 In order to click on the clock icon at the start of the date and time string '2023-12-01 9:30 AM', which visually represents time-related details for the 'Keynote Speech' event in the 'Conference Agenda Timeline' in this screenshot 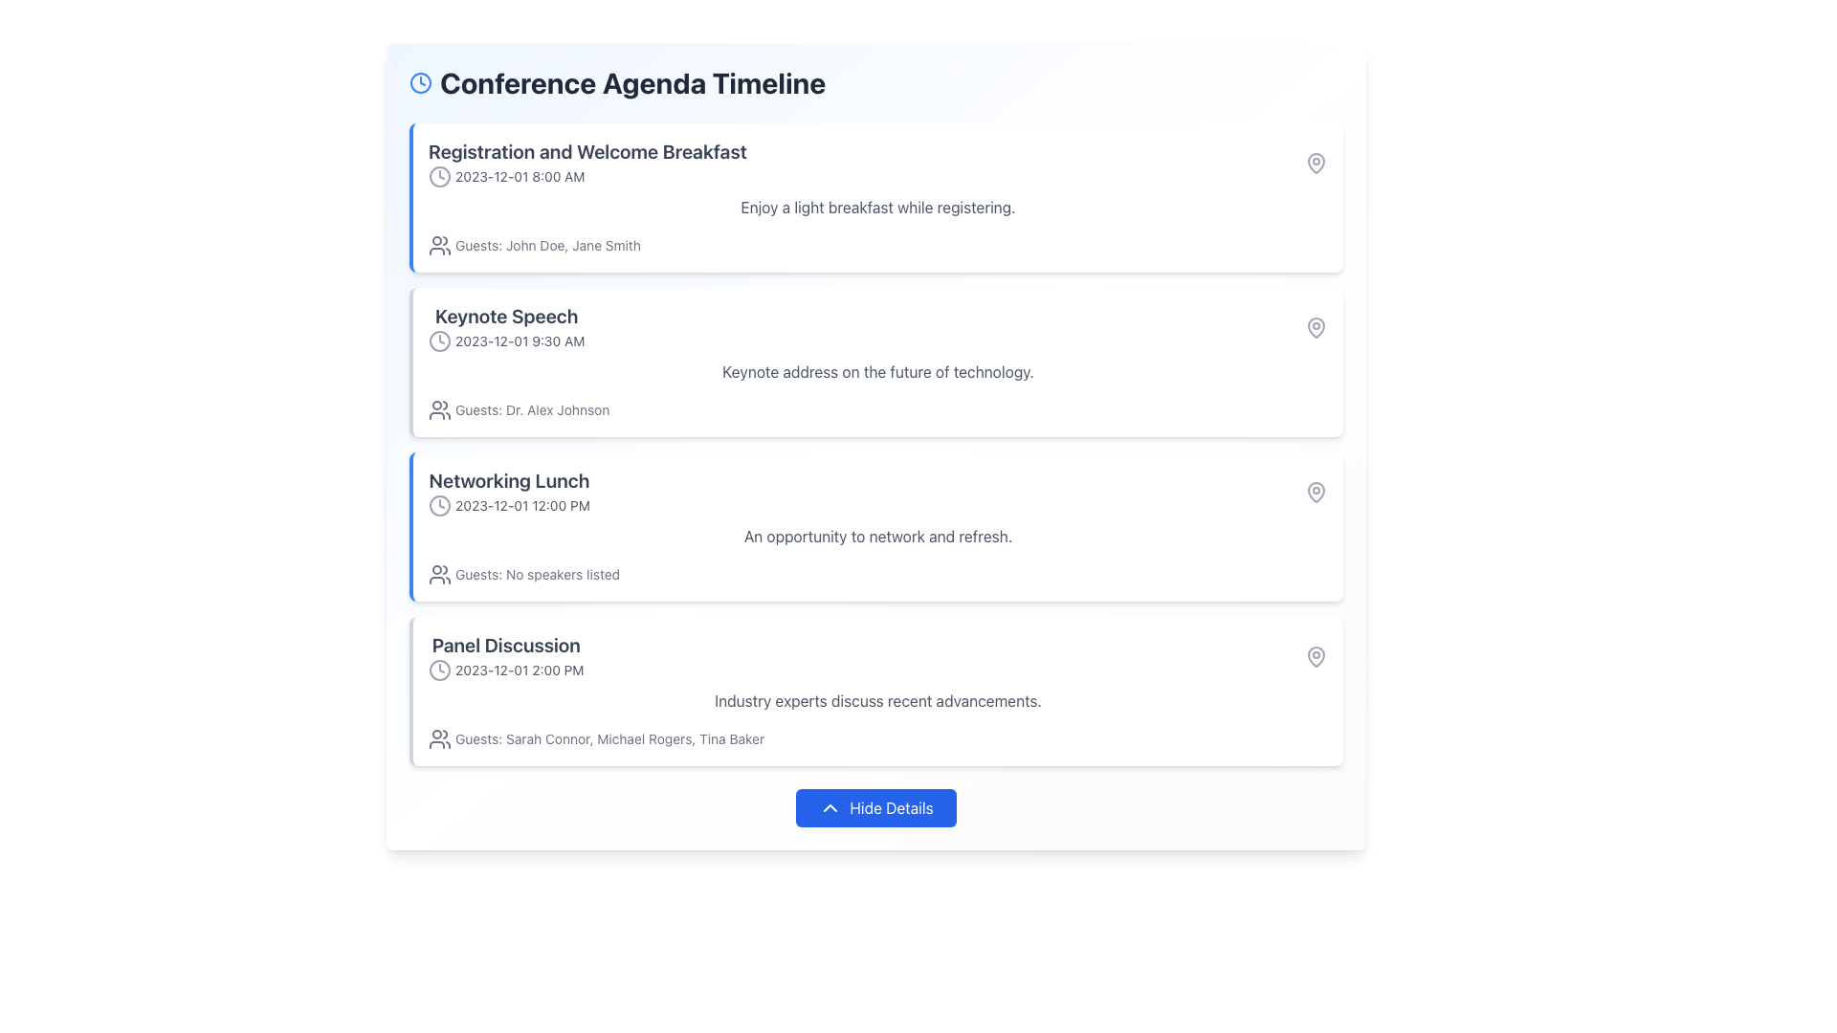, I will do `click(439, 341)`.